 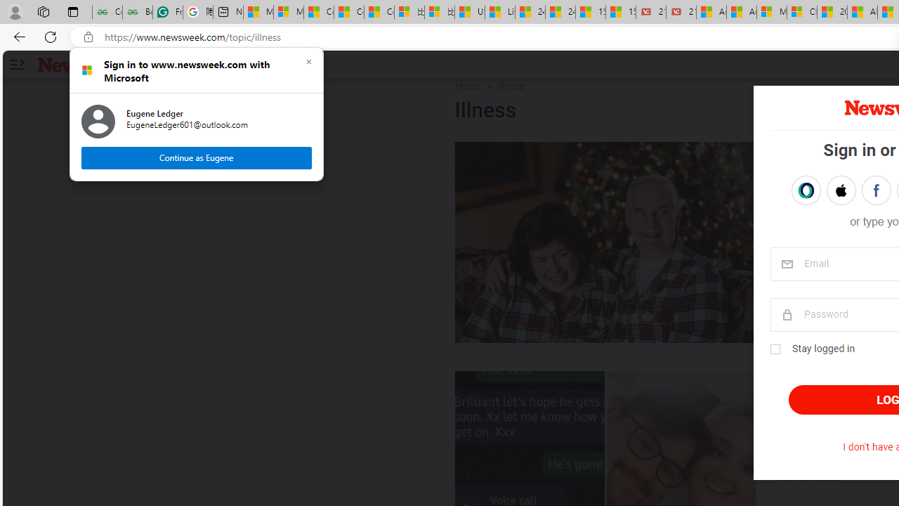 I want to click on '21 Movies That Outdid the Books They Were Based On', so click(x=681, y=12).